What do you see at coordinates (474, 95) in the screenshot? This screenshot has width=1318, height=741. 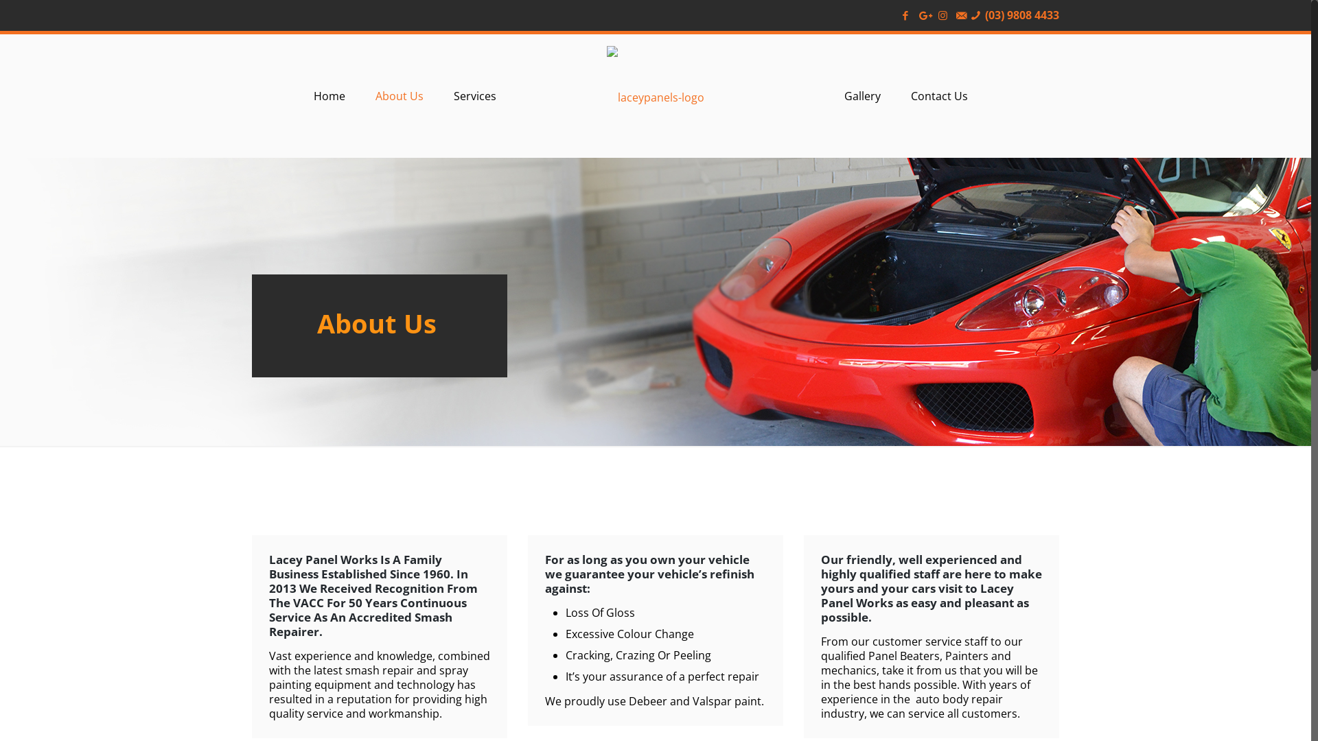 I see `'Services'` at bounding box center [474, 95].